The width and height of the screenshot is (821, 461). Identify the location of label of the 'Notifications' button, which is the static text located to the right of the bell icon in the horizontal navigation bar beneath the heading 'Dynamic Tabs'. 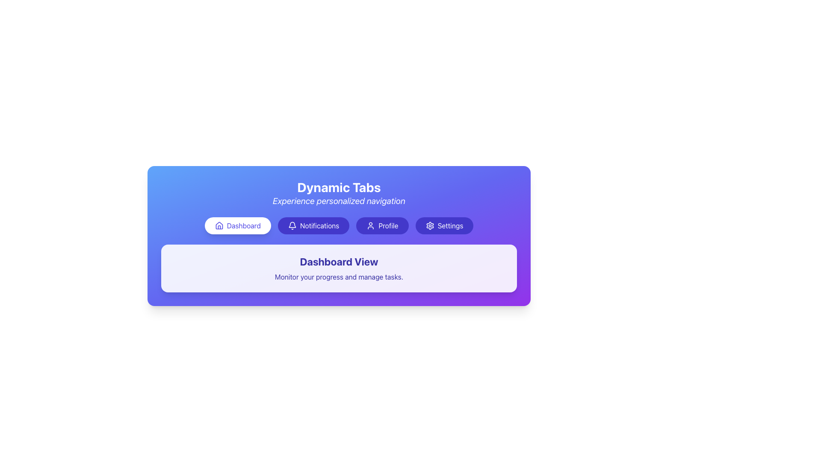
(319, 225).